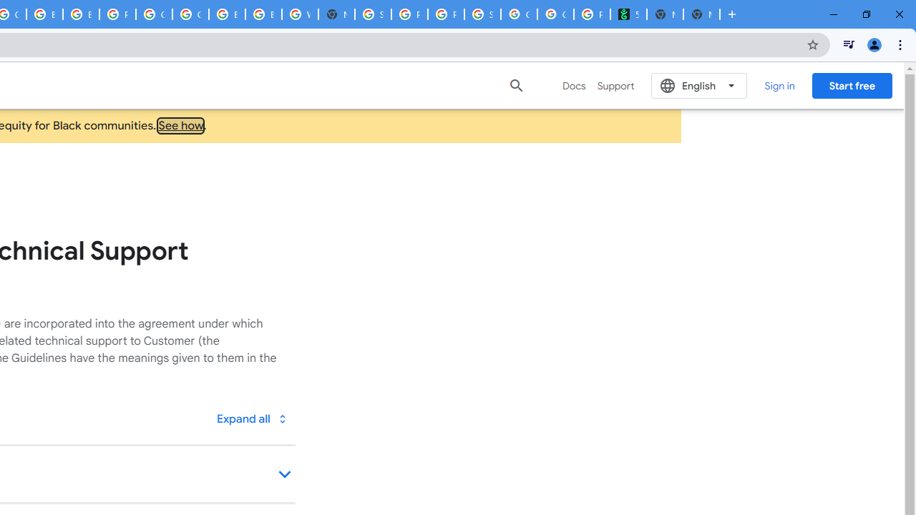 This screenshot has width=916, height=515. What do you see at coordinates (372, 14) in the screenshot?
I see `'Sign in - Google Accounts'` at bounding box center [372, 14].